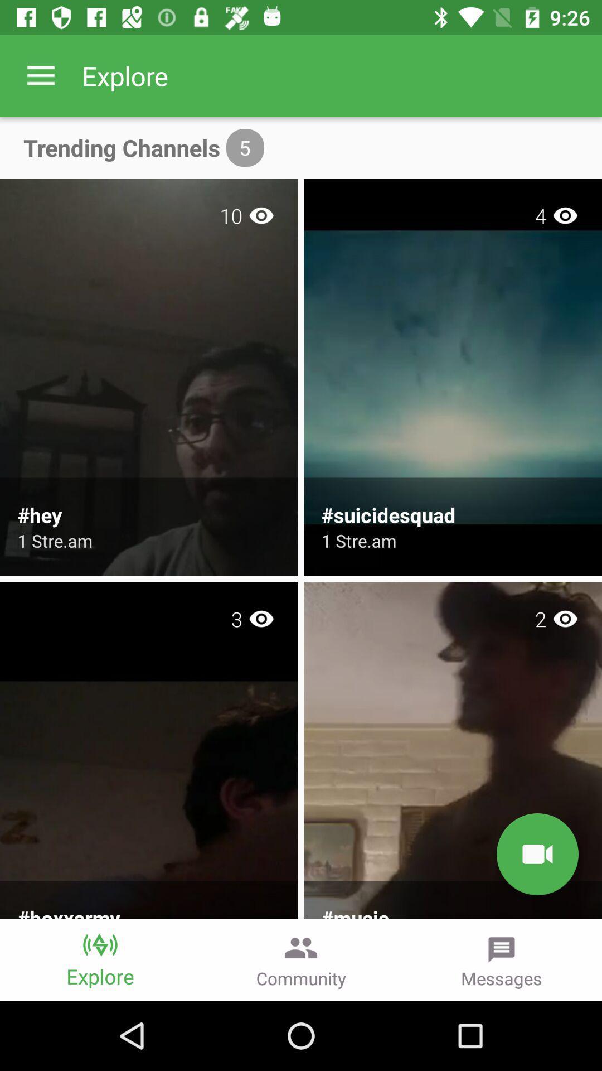 This screenshot has height=1071, width=602. Describe the element at coordinates (537, 853) in the screenshot. I see `the videocam icon` at that location.